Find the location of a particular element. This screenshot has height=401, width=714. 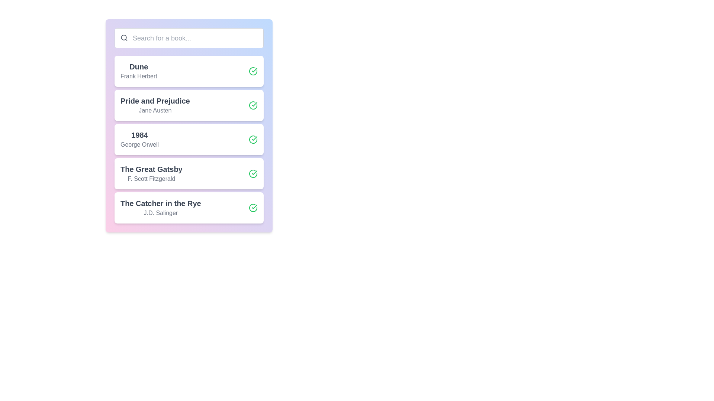

the checkmark icon with a green stroke located next to the book title 'The Great Gatsby' and author 'F. Scott Fitzgerald', which is part of the fourth list item in the vertical list is located at coordinates (254, 173).